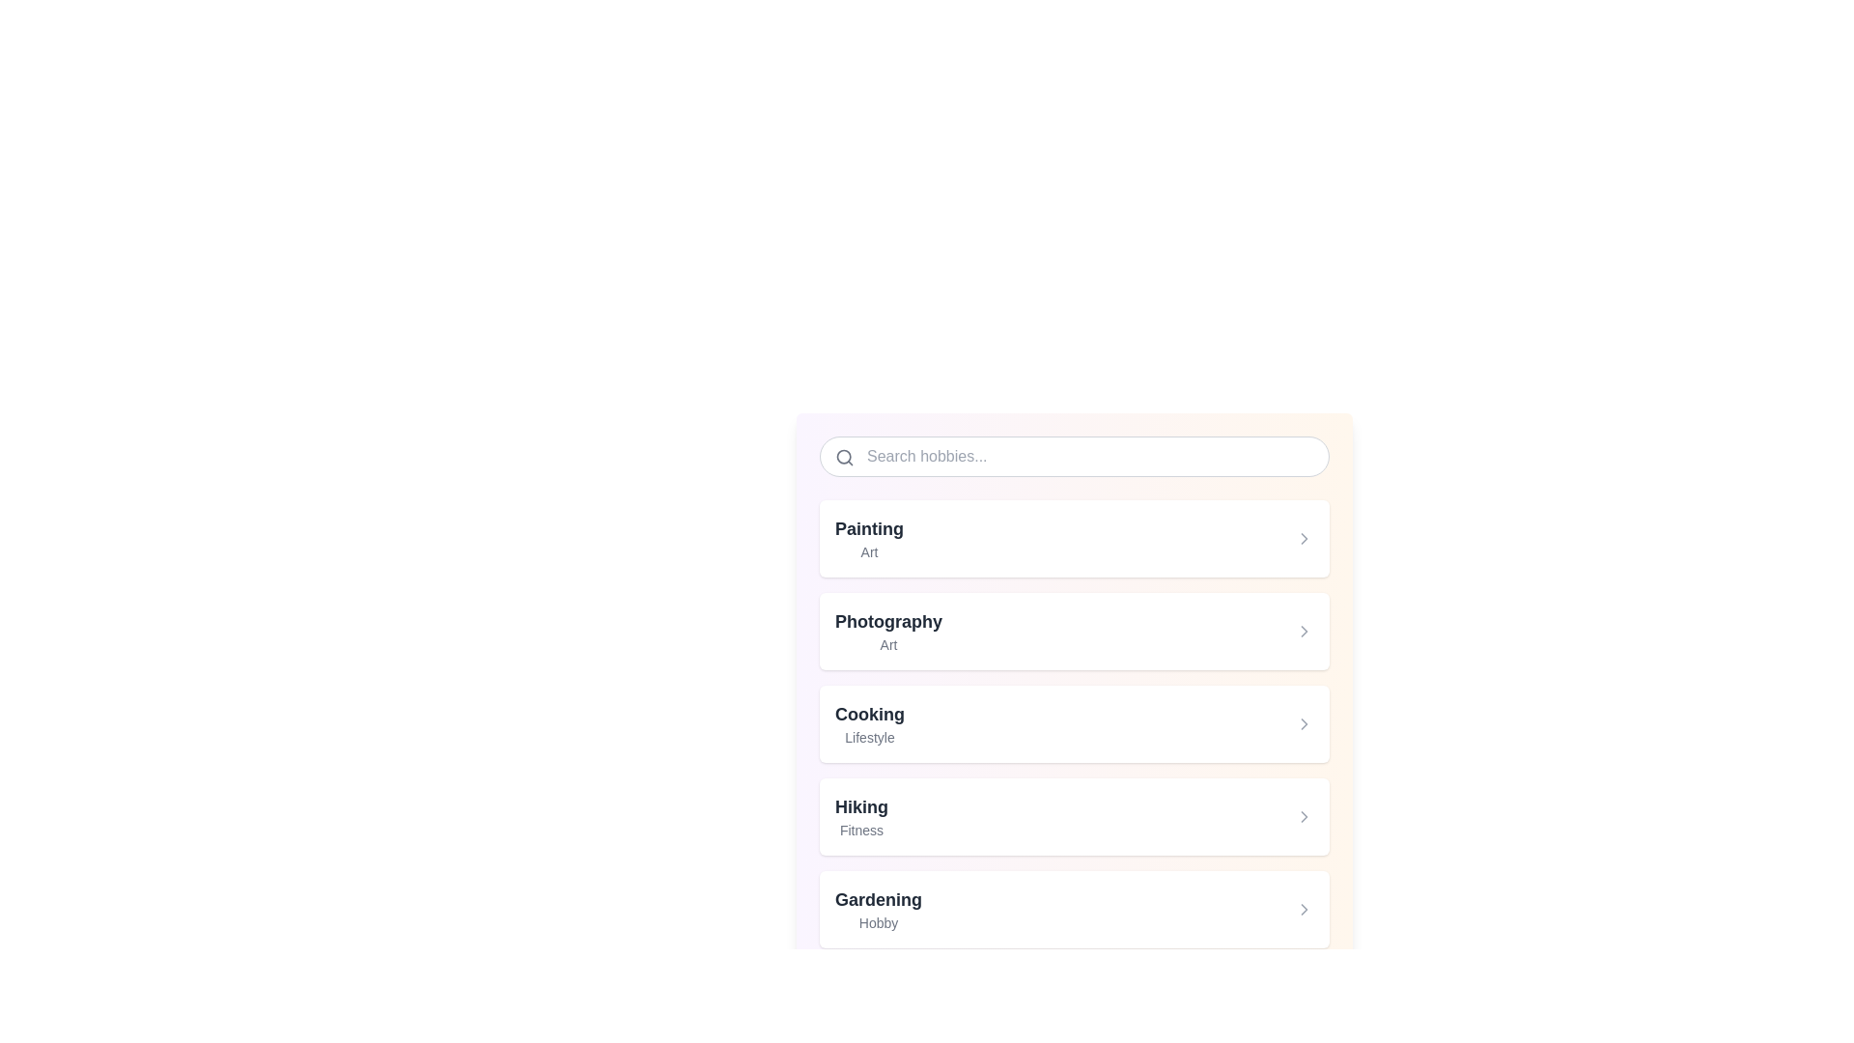  What do you see at coordinates (869, 715) in the screenshot?
I see `the 'Cooking' text label, which serves as the title for the cooking category, located in the third card of a vertically stacked list` at bounding box center [869, 715].